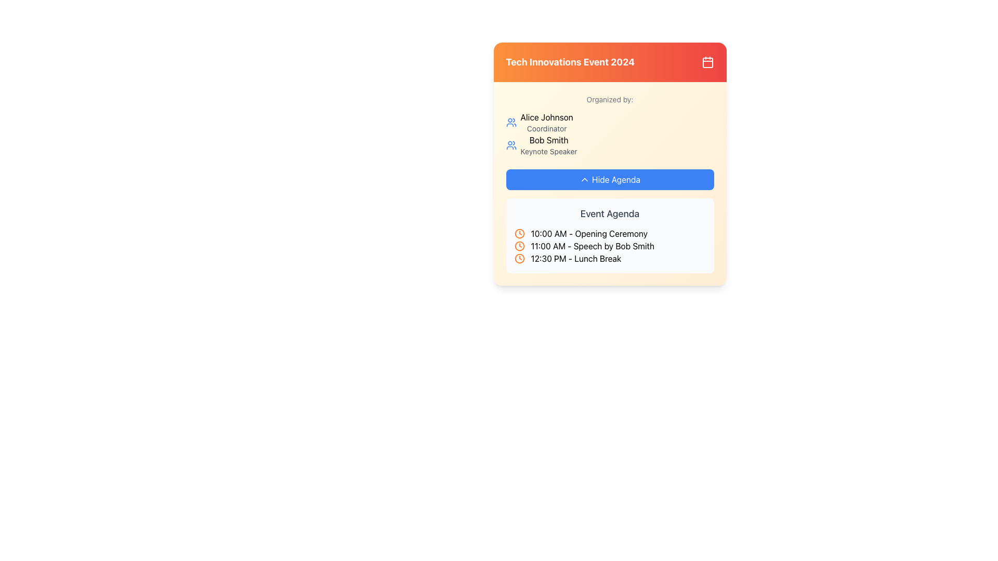 Image resolution: width=998 pixels, height=561 pixels. What do you see at coordinates (548, 152) in the screenshot?
I see `the text label that reads 'Keynote Speaker', which is styled in gray and positioned below 'Bob Smith'` at bounding box center [548, 152].